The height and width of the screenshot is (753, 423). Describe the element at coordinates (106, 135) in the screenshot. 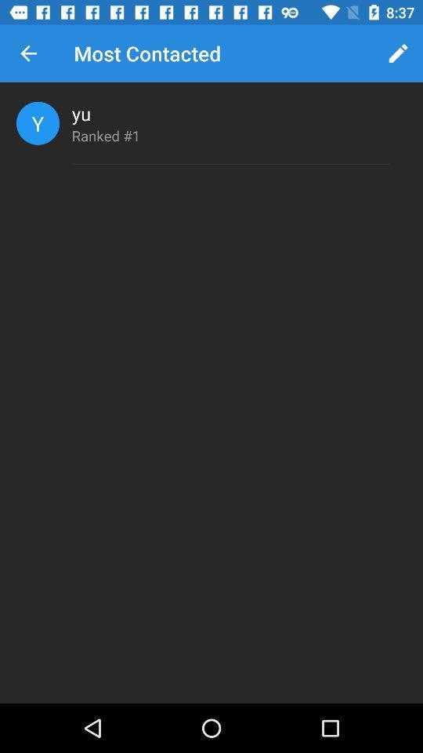

I see `the ranked #1` at that location.